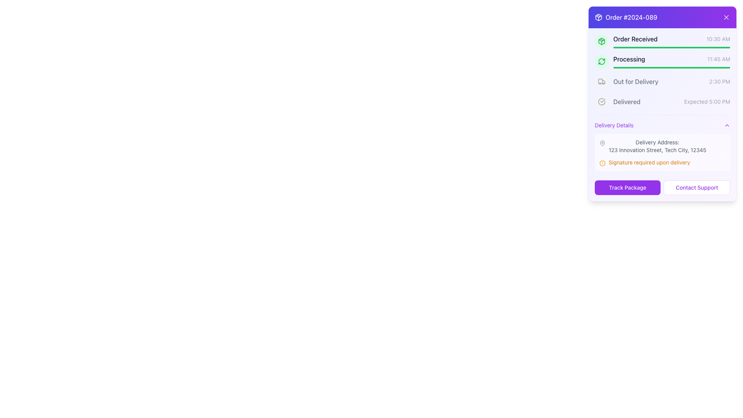  I want to click on the Static text label displaying the address '123 Innovation Street, Tech City, 12345' within the 'Delivery Details' section, so click(657, 150).